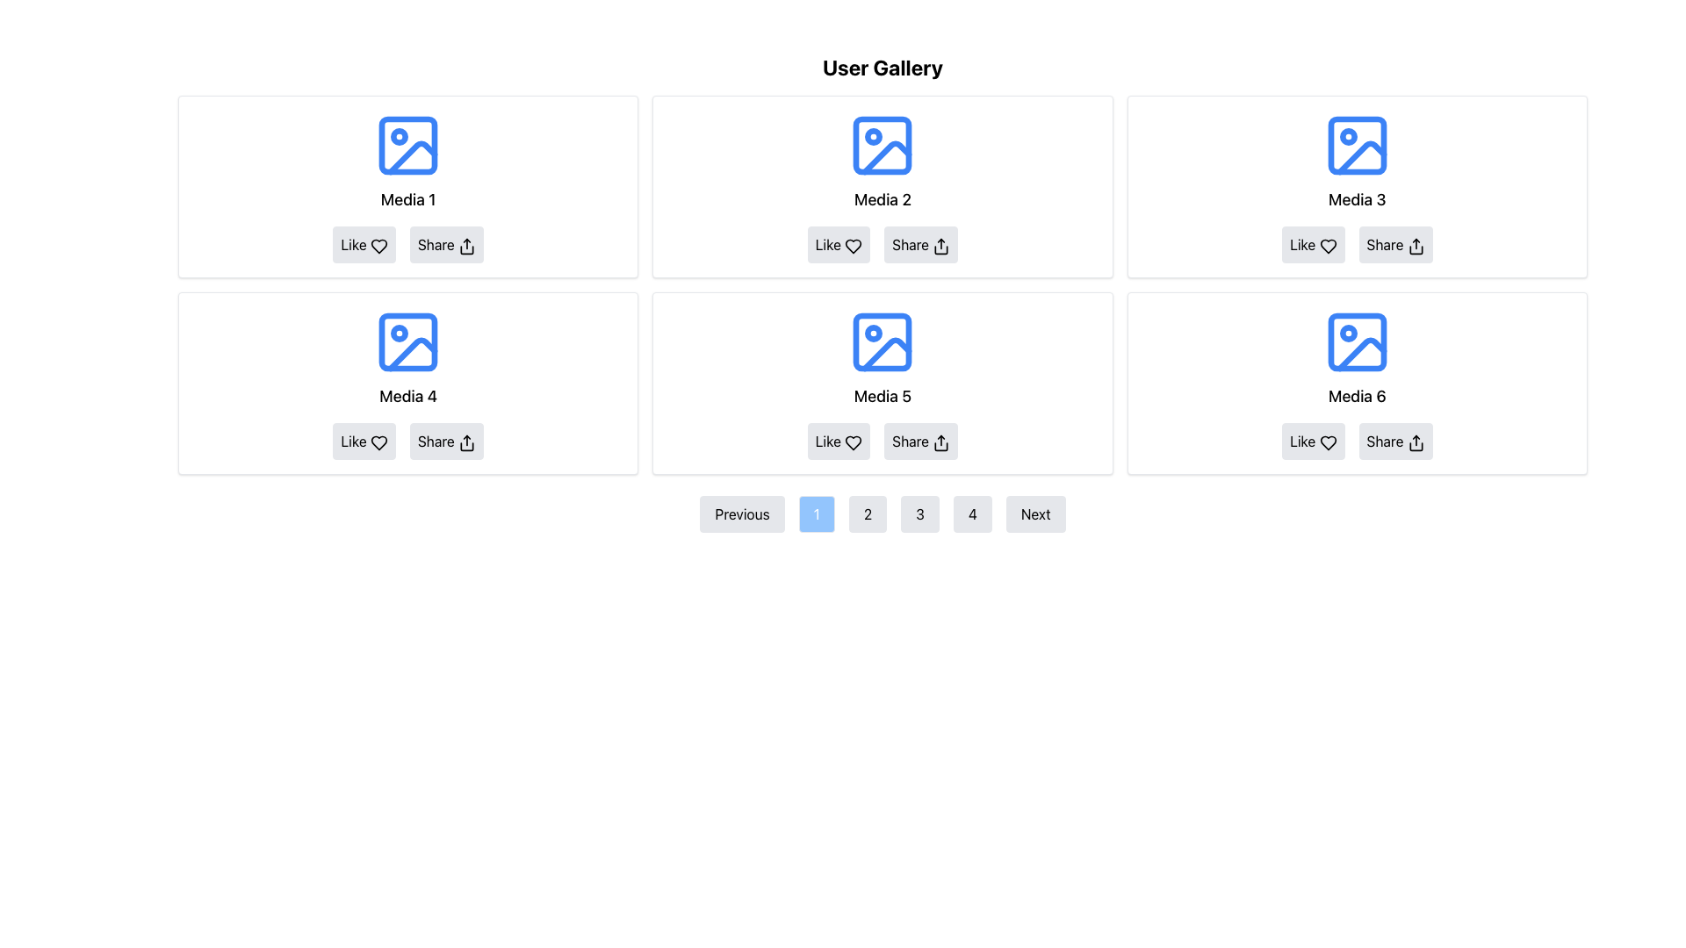 This screenshot has height=948, width=1686. What do you see at coordinates (1035, 513) in the screenshot?
I see `the 'Next' button, which is the last button in a row of navigation controls below a gallery of media items` at bounding box center [1035, 513].